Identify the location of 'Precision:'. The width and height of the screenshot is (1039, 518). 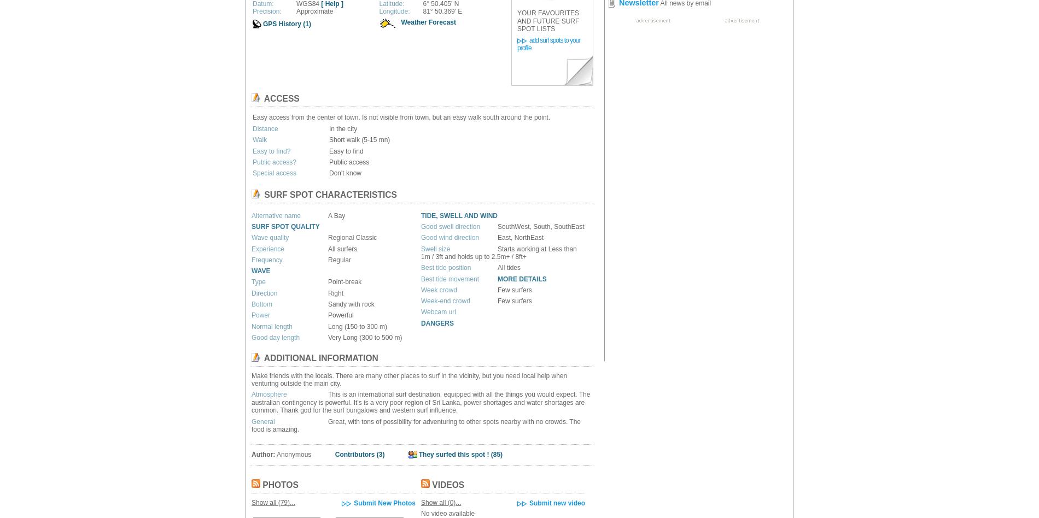
(252, 11).